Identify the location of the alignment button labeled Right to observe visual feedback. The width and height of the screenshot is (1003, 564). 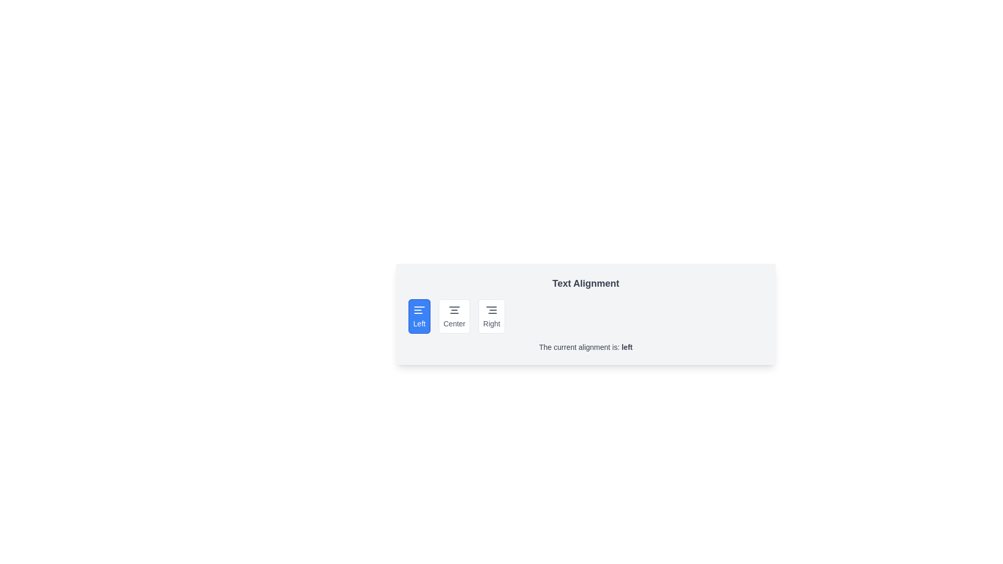
(491, 315).